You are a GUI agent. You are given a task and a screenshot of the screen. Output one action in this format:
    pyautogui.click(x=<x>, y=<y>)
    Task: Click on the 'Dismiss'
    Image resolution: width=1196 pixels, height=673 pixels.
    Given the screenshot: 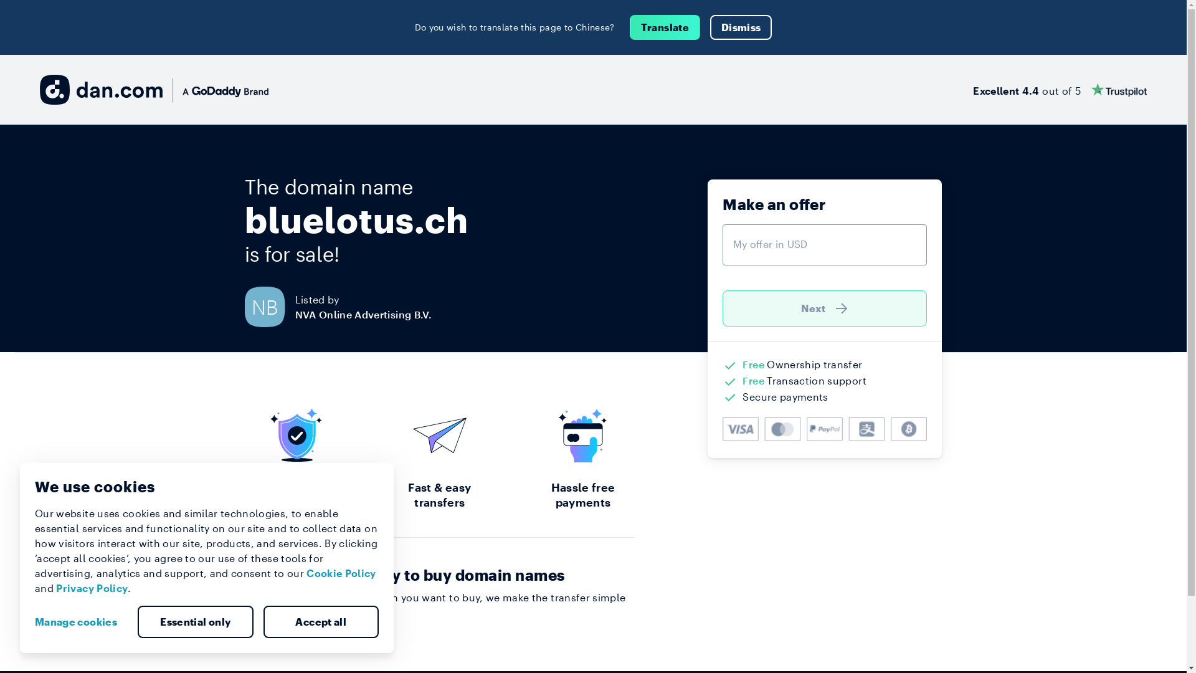 What is the action you would take?
    pyautogui.click(x=741, y=27)
    